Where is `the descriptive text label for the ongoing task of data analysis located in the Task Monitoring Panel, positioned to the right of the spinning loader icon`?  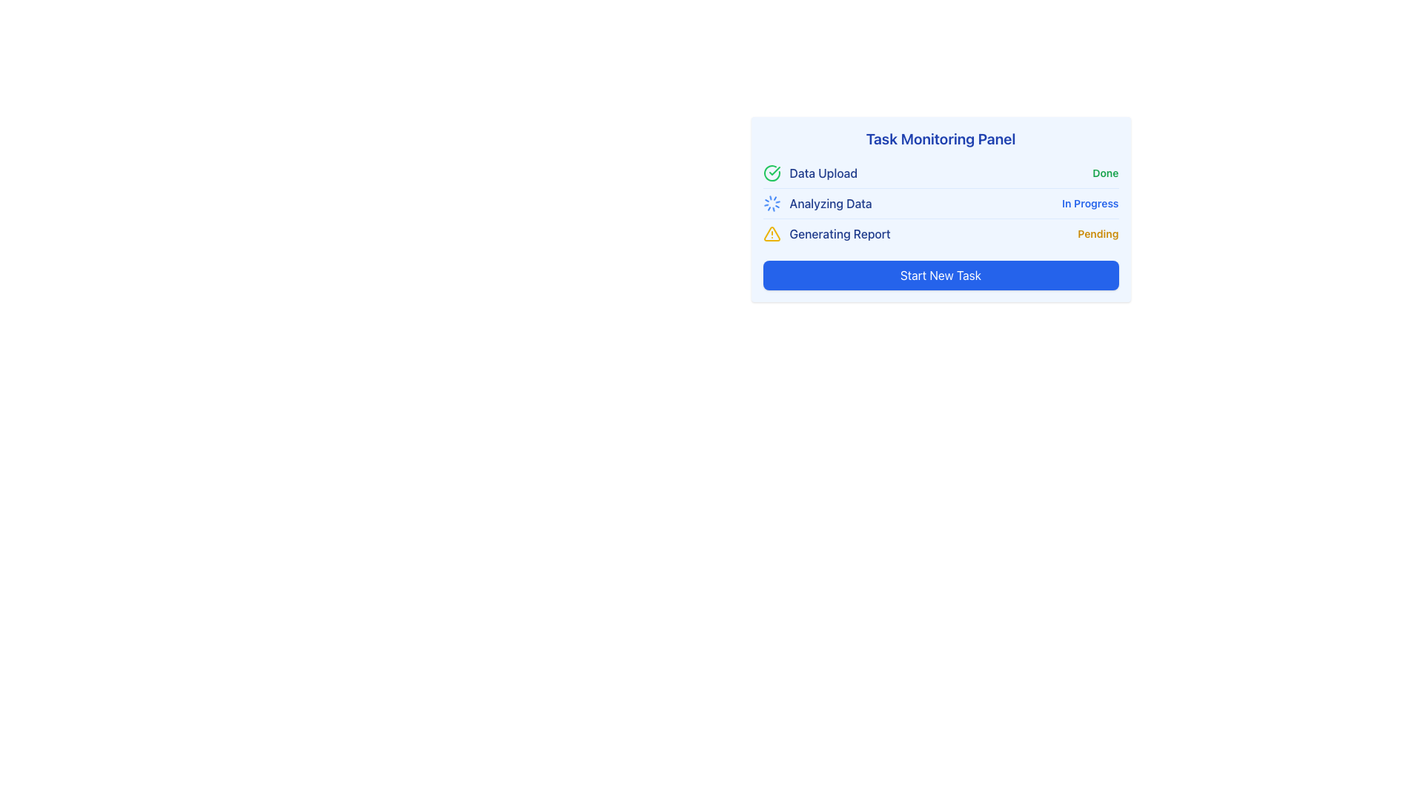
the descriptive text label for the ongoing task of data analysis located in the Task Monitoring Panel, positioned to the right of the spinning loader icon is located at coordinates (831, 203).